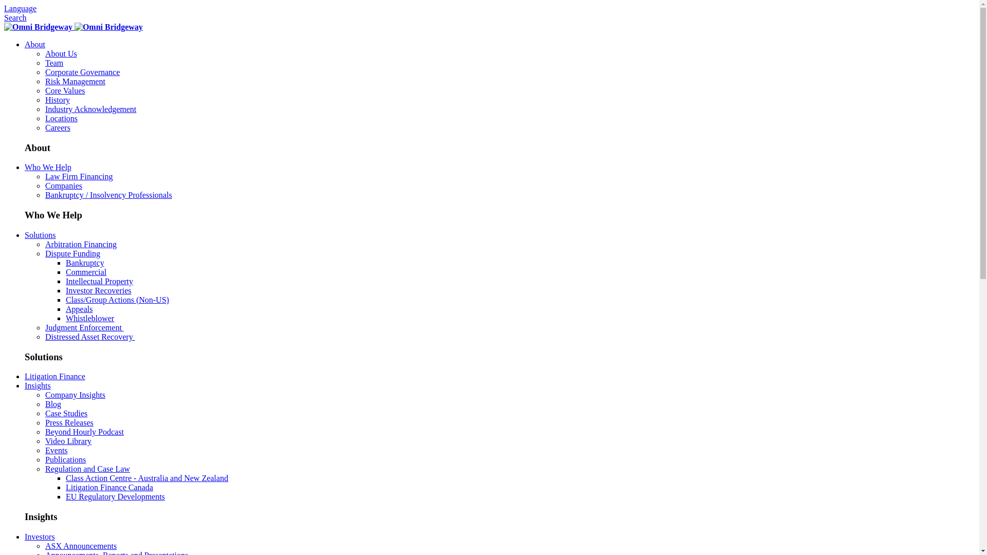 This screenshot has height=555, width=987. I want to click on 'About', so click(34, 44).